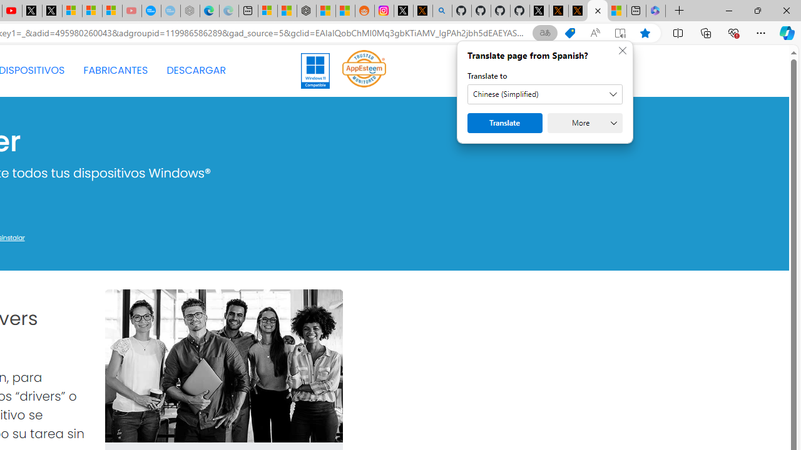 This screenshot has height=450, width=801. What do you see at coordinates (345, 11) in the screenshot?
I see `'Shanghai, China Weather trends | Microsoft Weather'` at bounding box center [345, 11].